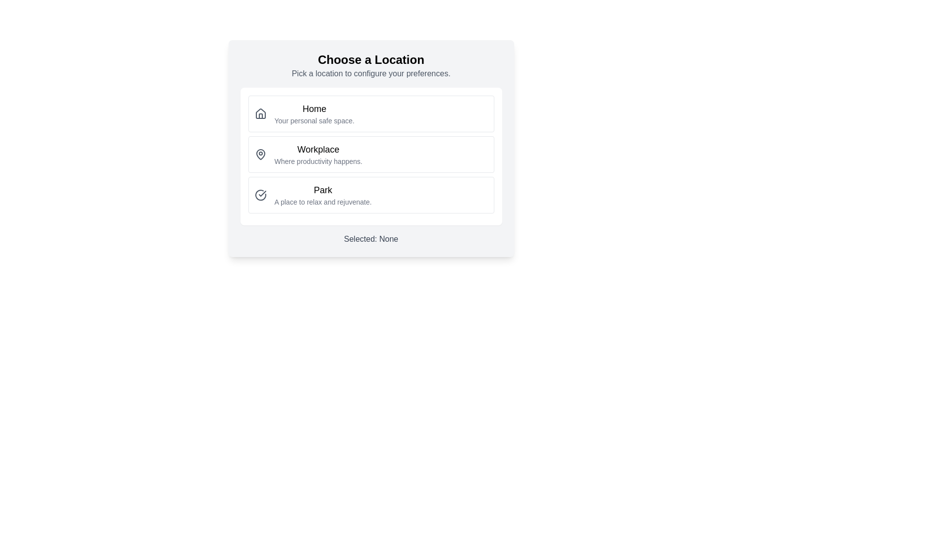 The image size is (952, 535). I want to click on the 'Workplace' icon in the location selection interface, so click(260, 155).